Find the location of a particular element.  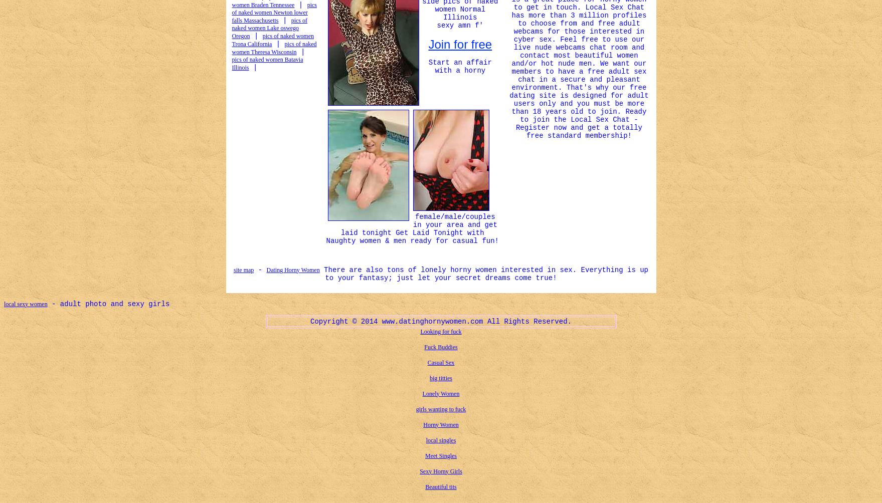

'local singles' is located at coordinates (440, 439).